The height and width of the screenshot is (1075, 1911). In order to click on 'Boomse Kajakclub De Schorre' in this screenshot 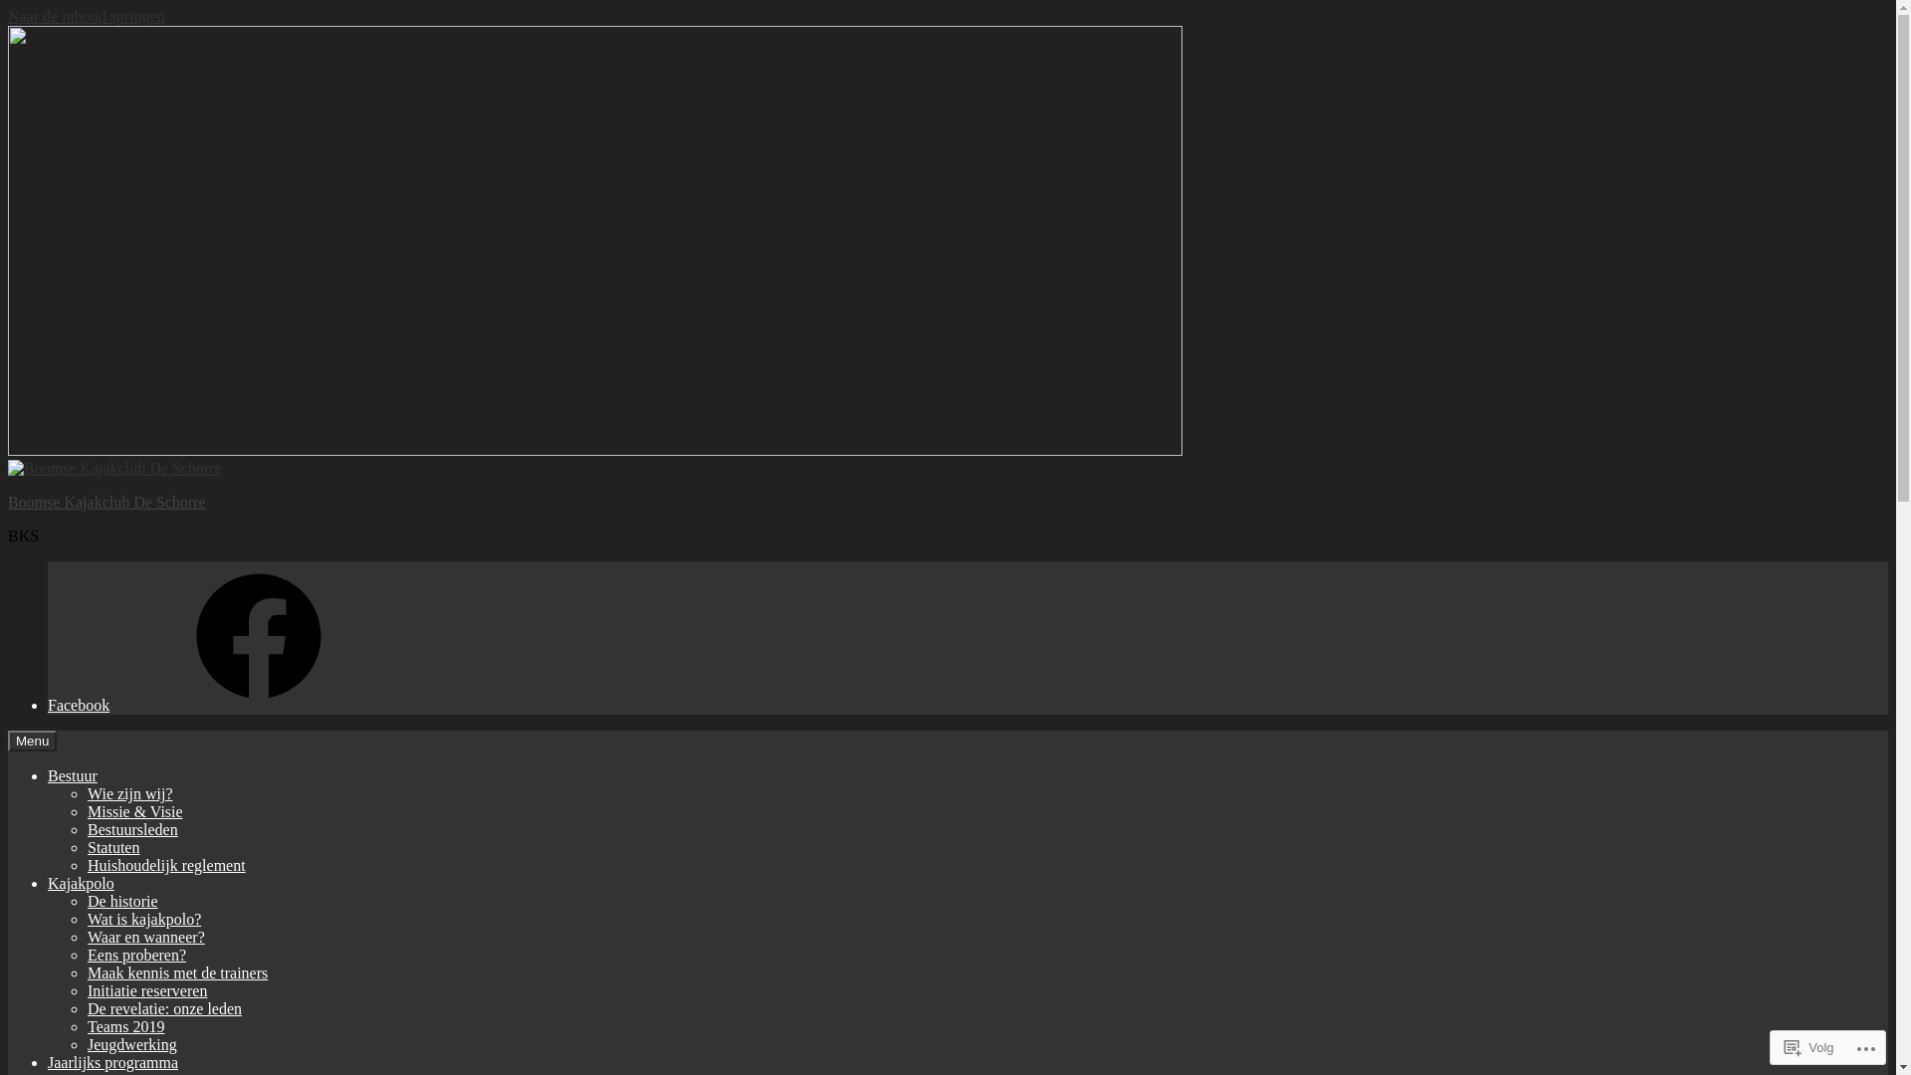, I will do `click(106, 501)`.